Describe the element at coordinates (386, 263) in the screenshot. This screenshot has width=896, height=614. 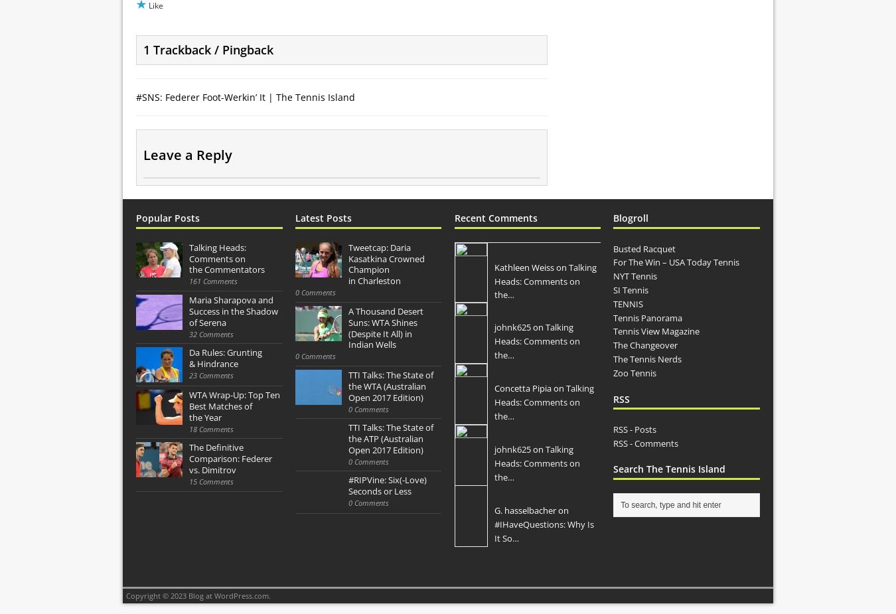
I see `'Tweetcap: Daria Kasatkina Crowned Champion in Charleston'` at that location.